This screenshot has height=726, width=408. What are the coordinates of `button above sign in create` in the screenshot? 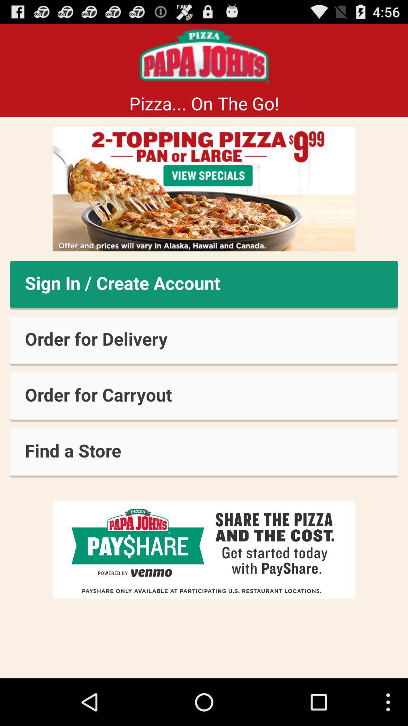 It's located at (204, 189).